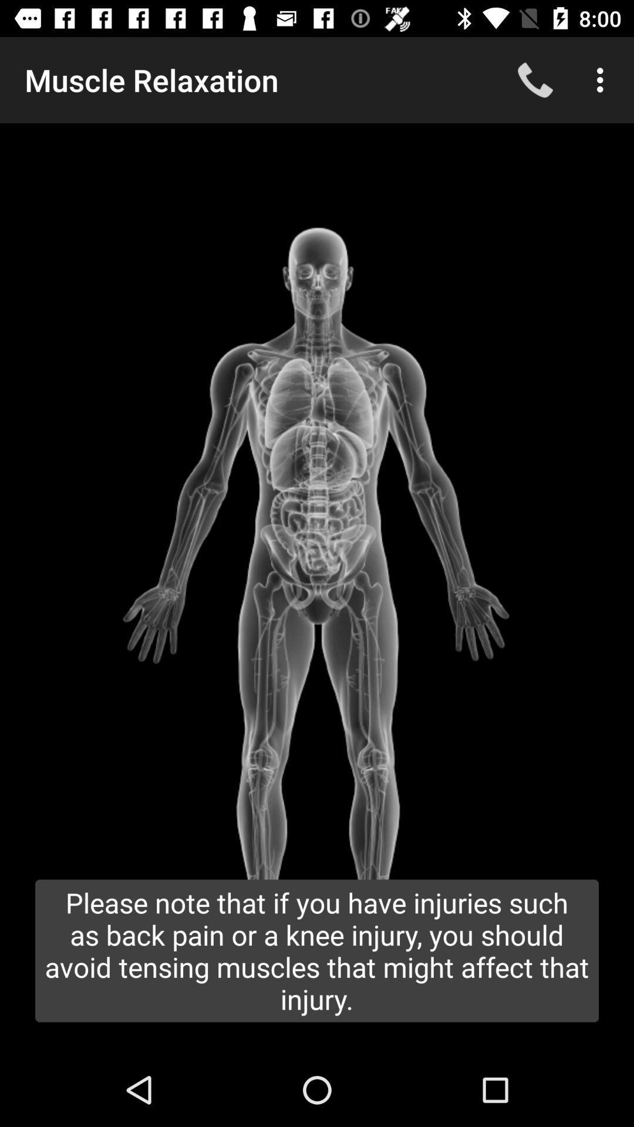 The height and width of the screenshot is (1127, 634). Describe the element at coordinates (535, 79) in the screenshot. I see `icon to the right of muscle relaxation item` at that location.